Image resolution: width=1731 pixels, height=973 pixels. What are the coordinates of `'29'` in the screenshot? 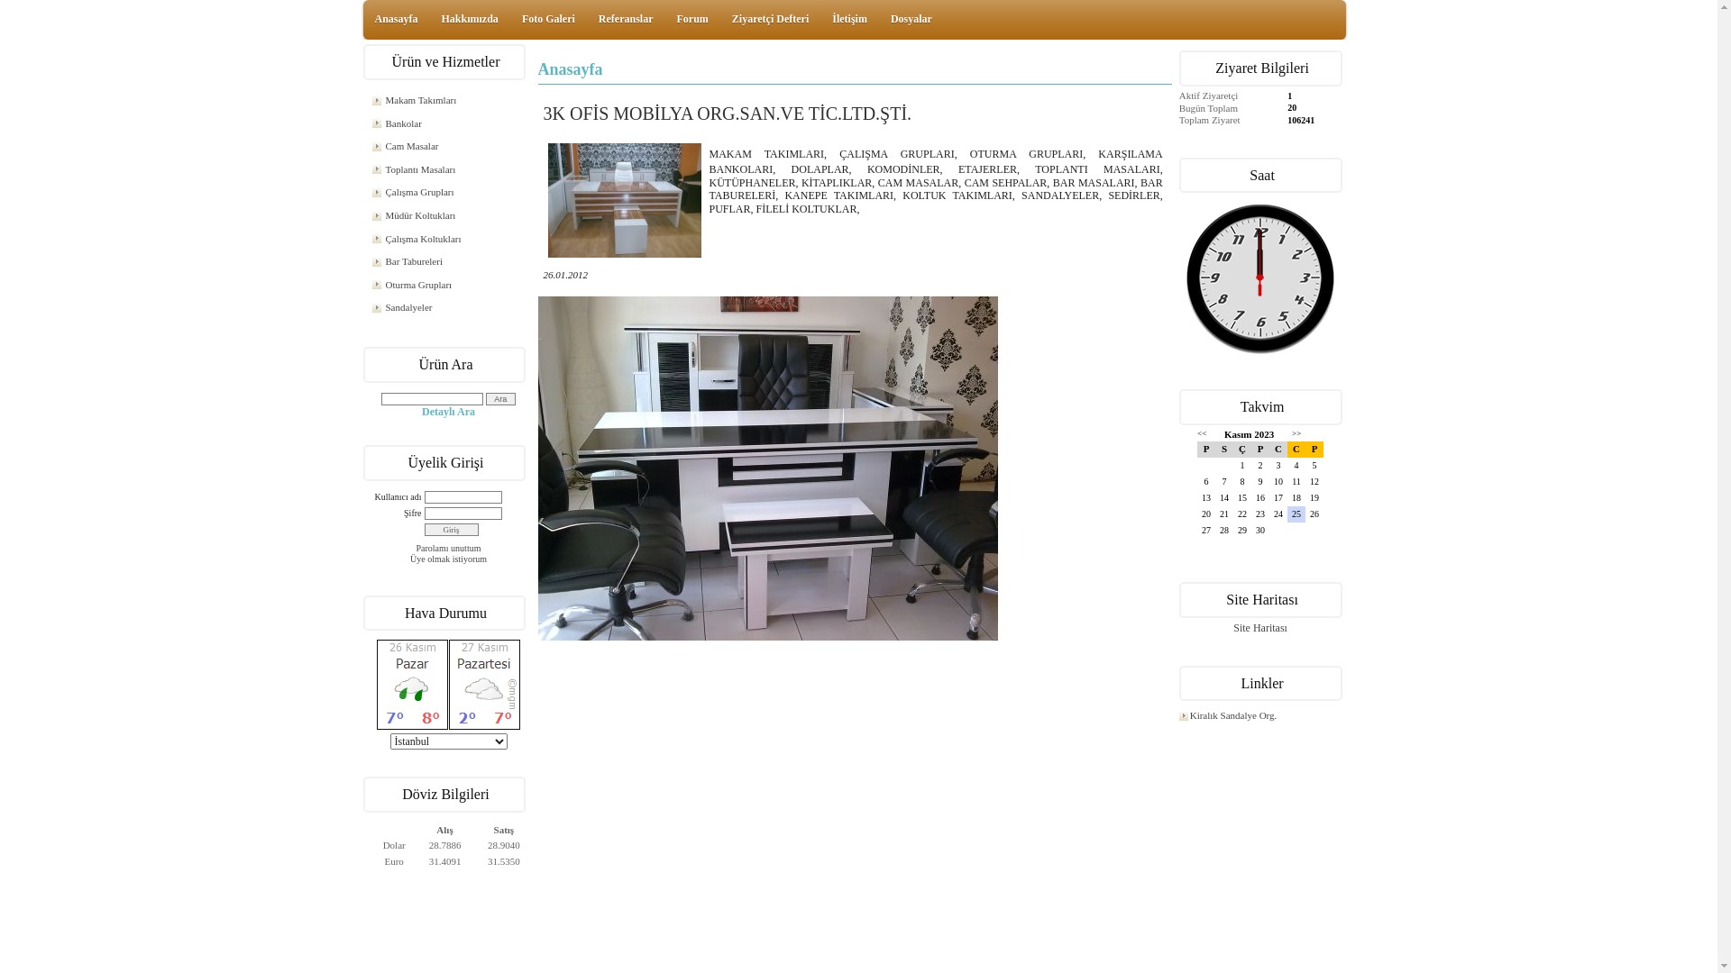 It's located at (1241, 530).